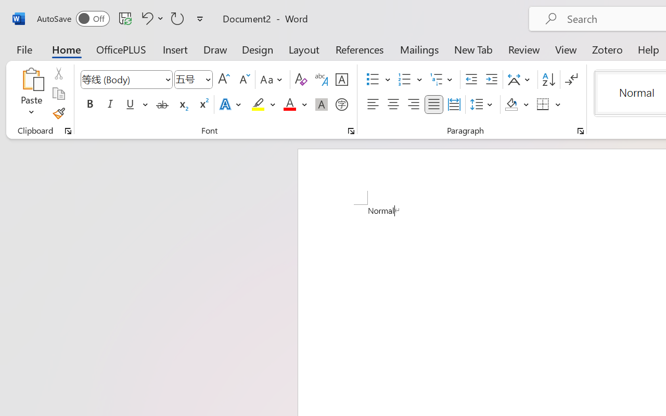 The width and height of the screenshot is (666, 416). Describe the element at coordinates (58, 113) in the screenshot. I see `'Format Painter'` at that location.